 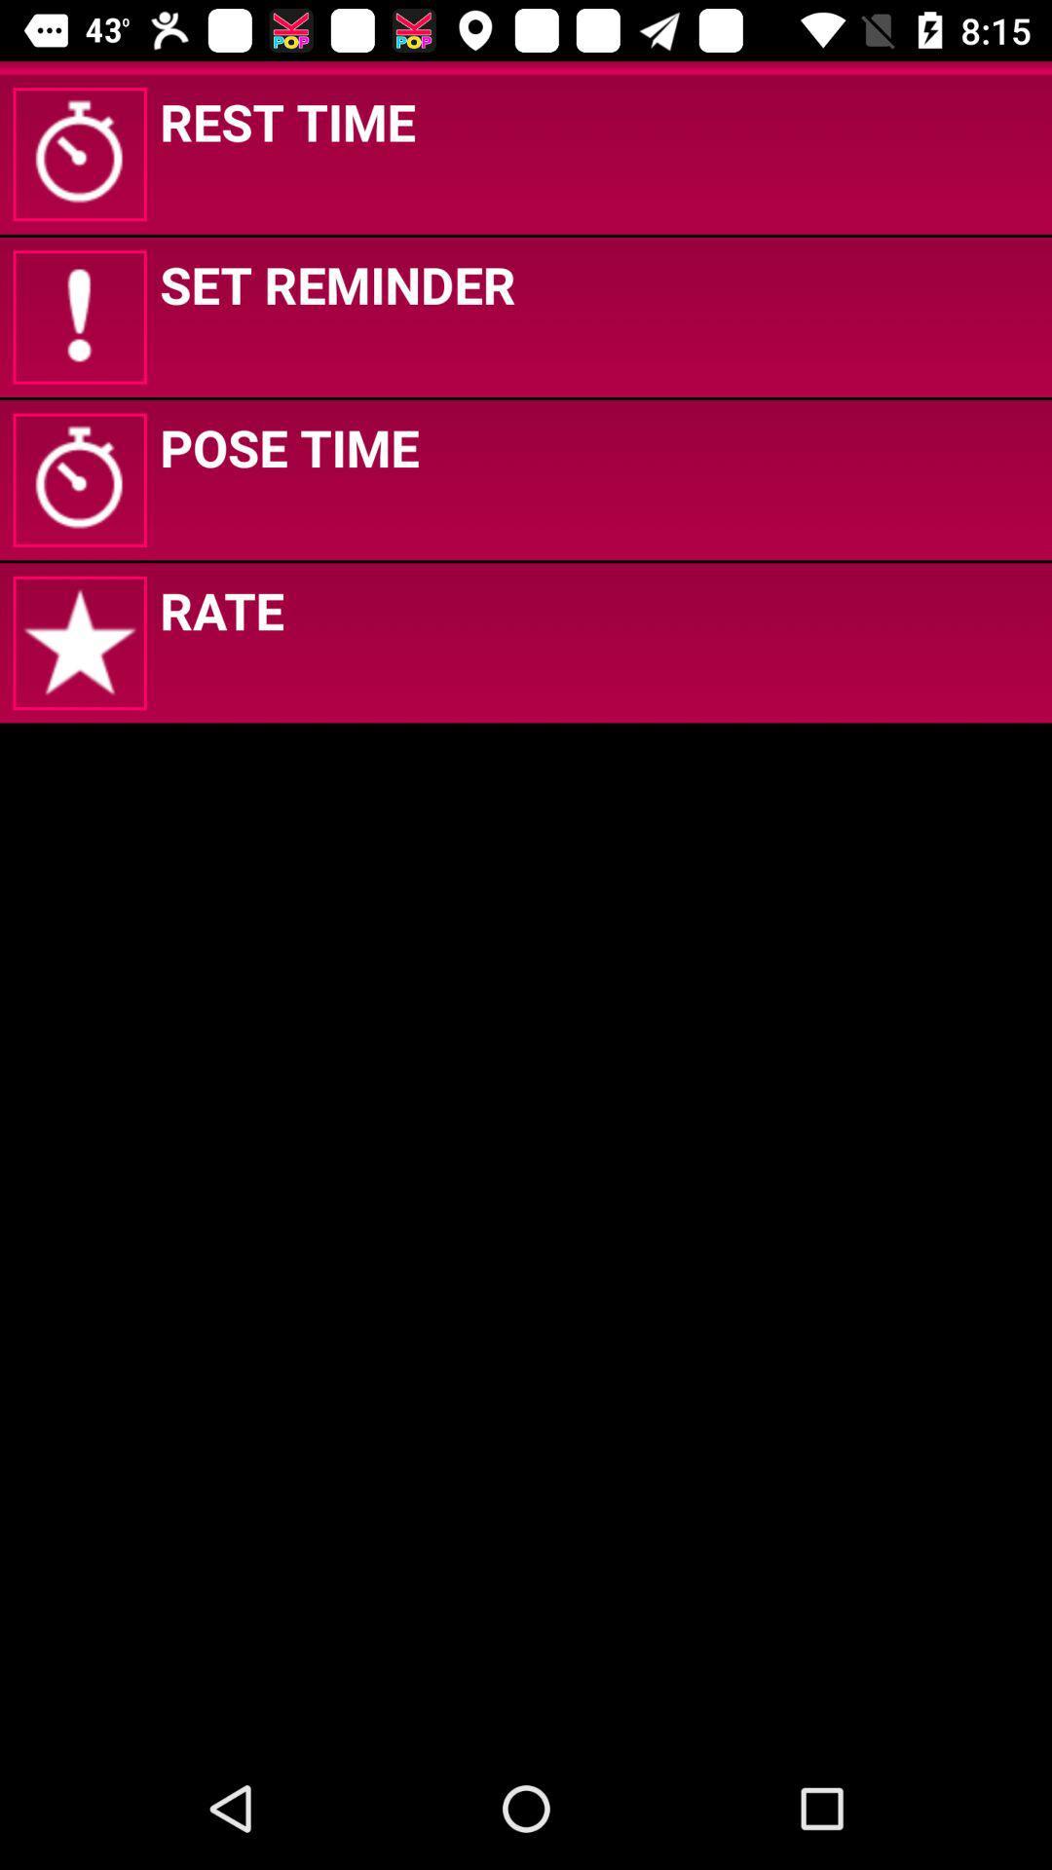 What do you see at coordinates (336, 283) in the screenshot?
I see `app above the pose time` at bounding box center [336, 283].